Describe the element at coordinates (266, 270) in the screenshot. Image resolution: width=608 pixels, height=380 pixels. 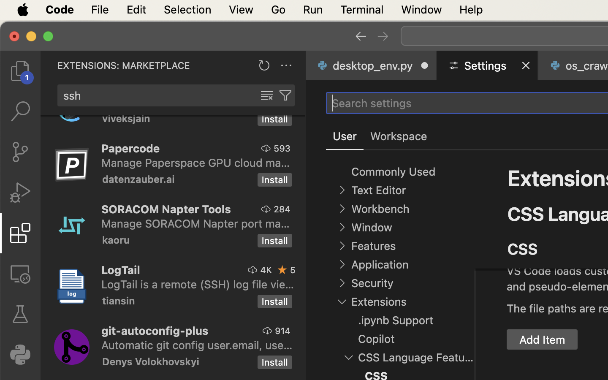
I see `'4K'` at that location.